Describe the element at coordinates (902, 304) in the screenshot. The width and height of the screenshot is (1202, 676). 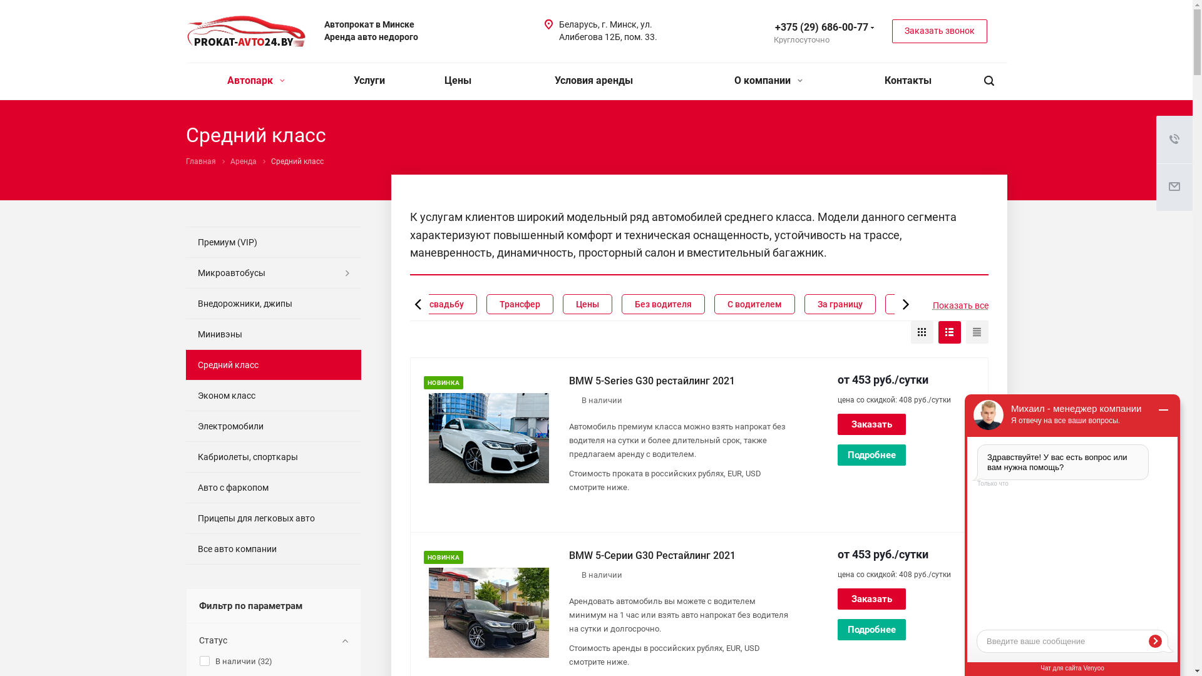
I see `'Next'` at that location.